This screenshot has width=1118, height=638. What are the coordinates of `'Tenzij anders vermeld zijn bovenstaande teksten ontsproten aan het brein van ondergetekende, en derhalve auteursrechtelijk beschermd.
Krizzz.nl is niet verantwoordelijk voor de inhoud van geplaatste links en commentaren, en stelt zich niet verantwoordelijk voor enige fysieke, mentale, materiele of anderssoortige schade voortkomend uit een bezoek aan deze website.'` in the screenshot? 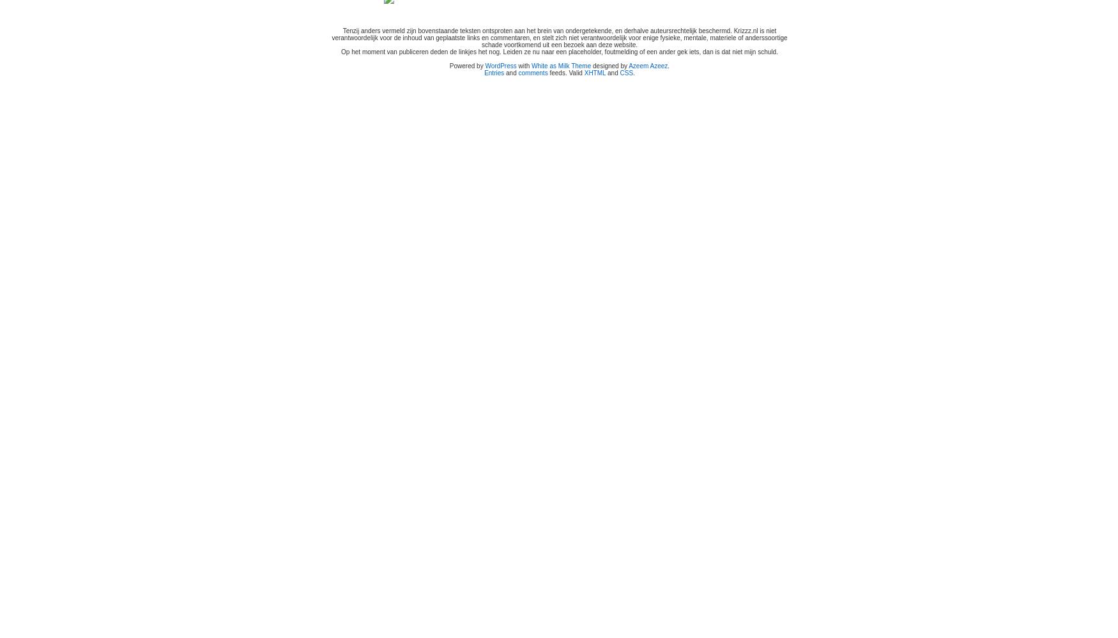 It's located at (559, 38).